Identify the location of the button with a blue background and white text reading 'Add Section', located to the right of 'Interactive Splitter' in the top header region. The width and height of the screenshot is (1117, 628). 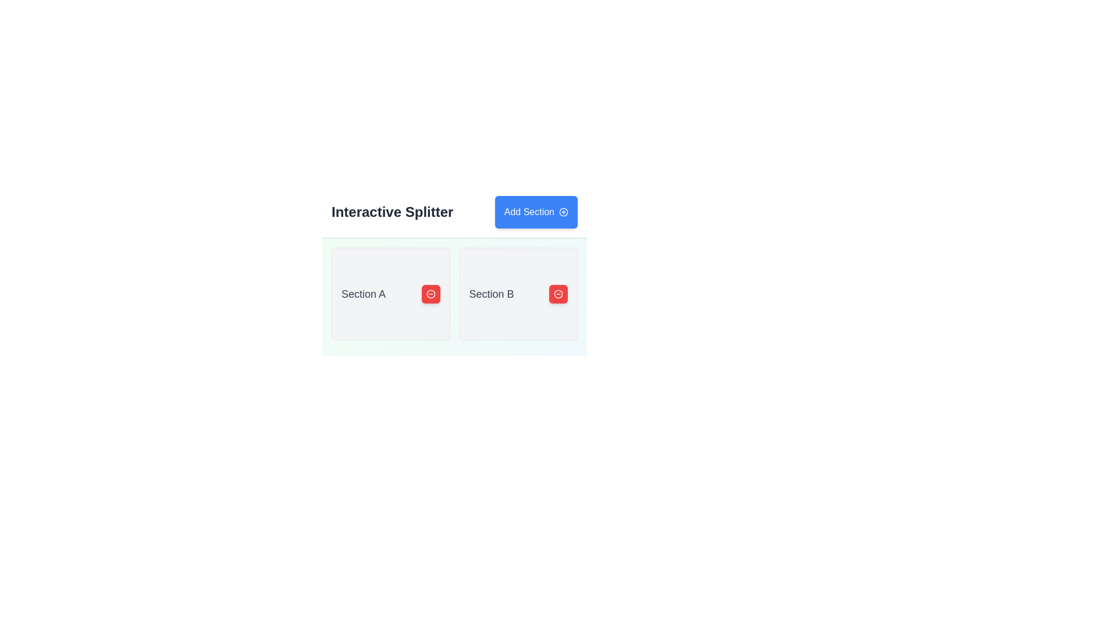
(535, 212).